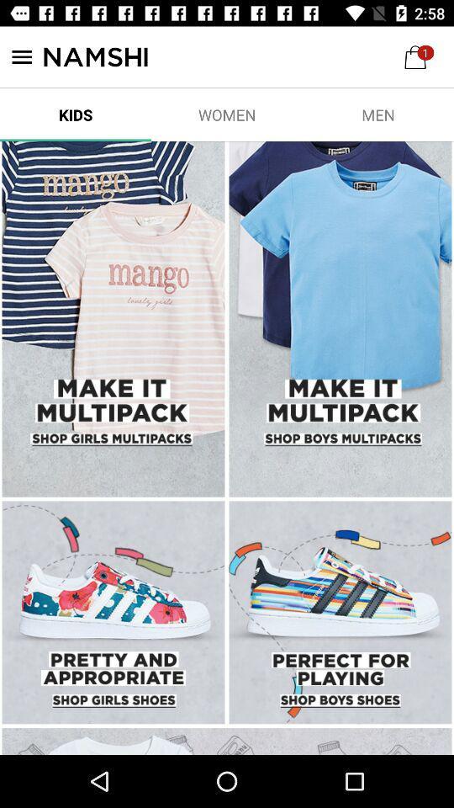 The height and width of the screenshot is (808, 454). I want to click on the kids icon, so click(75, 114).